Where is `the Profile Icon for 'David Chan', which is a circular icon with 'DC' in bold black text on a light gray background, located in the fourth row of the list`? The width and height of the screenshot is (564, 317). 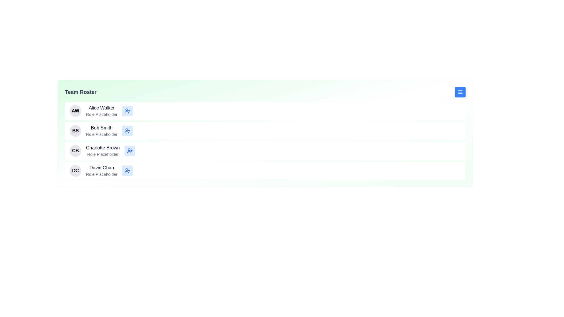 the Profile Icon for 'David Chan', which is a circular icon with 'DC' in bold black text on a light gray background, located in the fourth row of the list is located at coordinates (75, 171).